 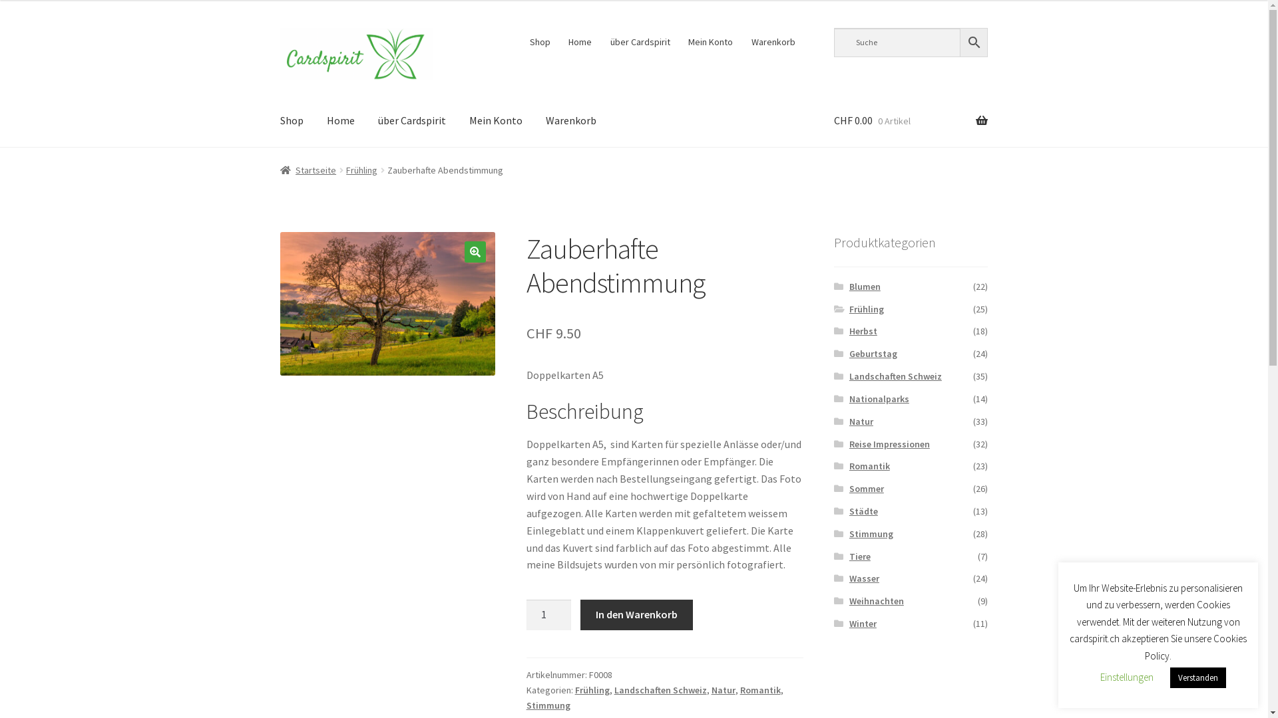 What do you see at coordinates (889, 443) in the screenshot?
I see `'Reise Impressionen'` at bounding box center [889, 443].